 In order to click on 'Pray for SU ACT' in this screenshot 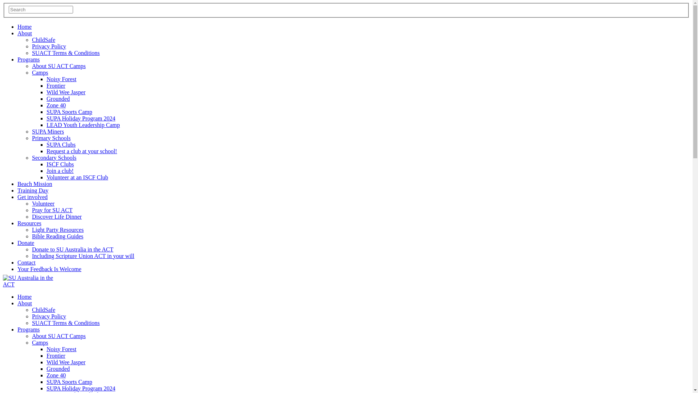, I will do `click(31, 210)`.